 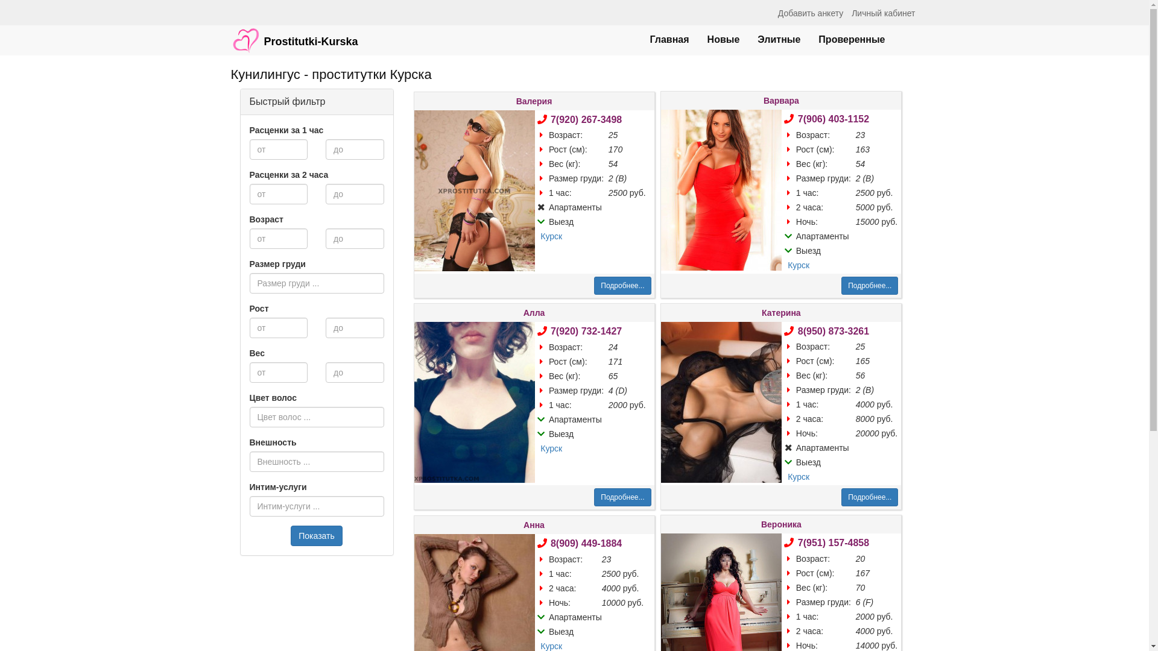 I want to click on 'Prostitutki-Kurska', so click(x=294, y=34).